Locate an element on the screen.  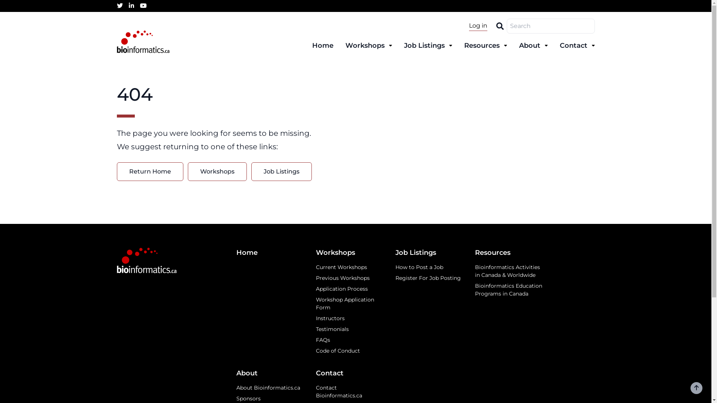
'Current Workshops' is located at coordinates (350, 267).